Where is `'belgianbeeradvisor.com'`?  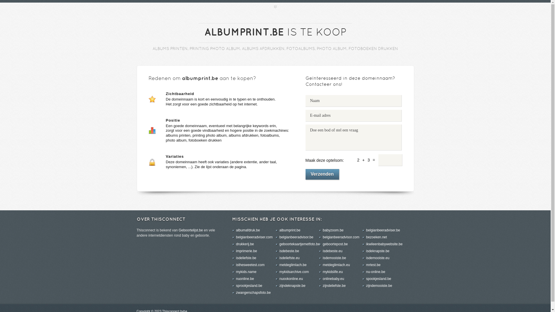 'belgianbeeradvisor.com' is located at coordinates (341, 237).